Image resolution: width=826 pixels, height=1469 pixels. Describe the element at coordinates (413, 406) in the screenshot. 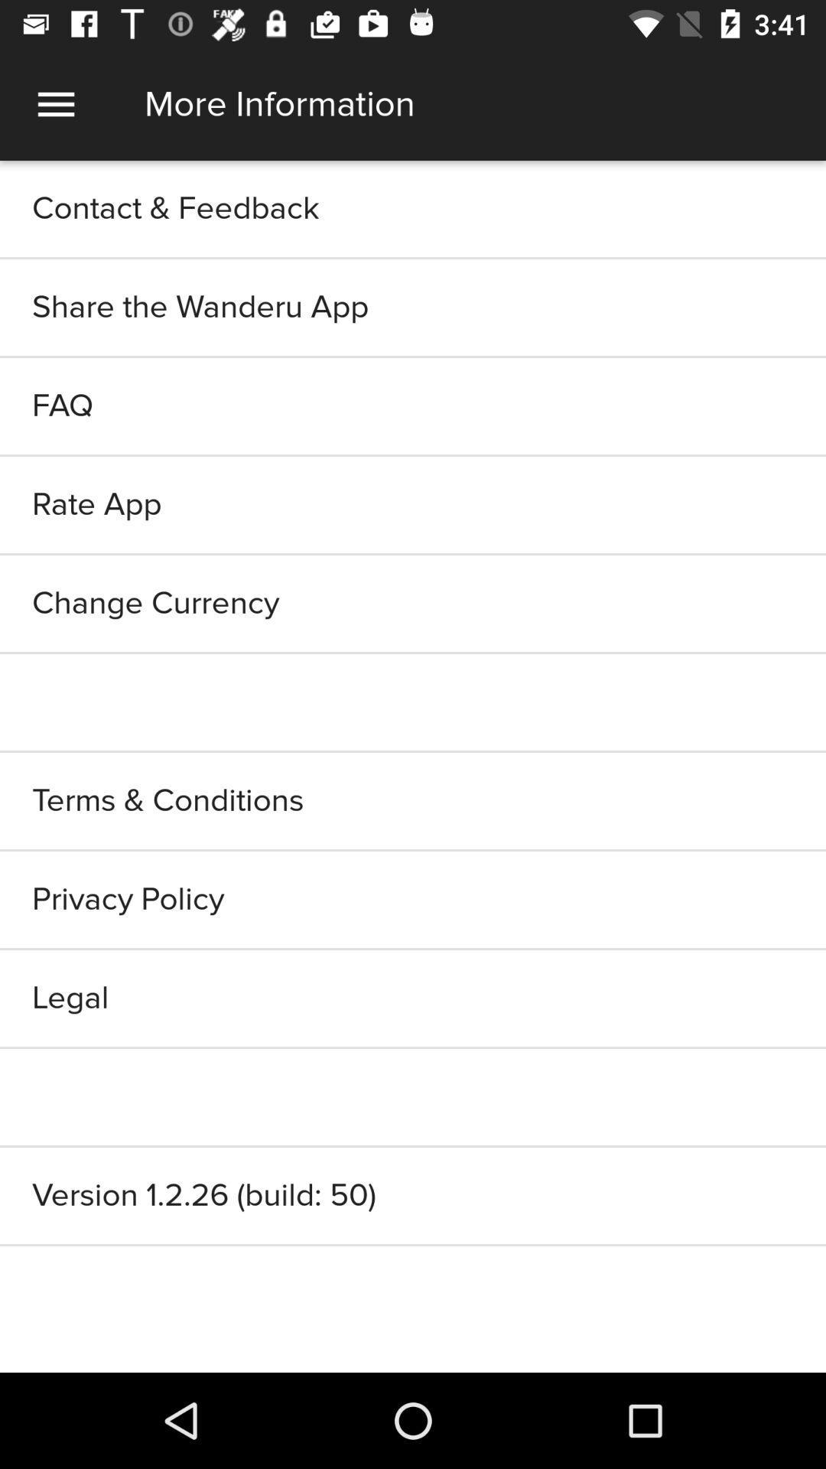

I see `icon below share the wanderu icon` at that location.